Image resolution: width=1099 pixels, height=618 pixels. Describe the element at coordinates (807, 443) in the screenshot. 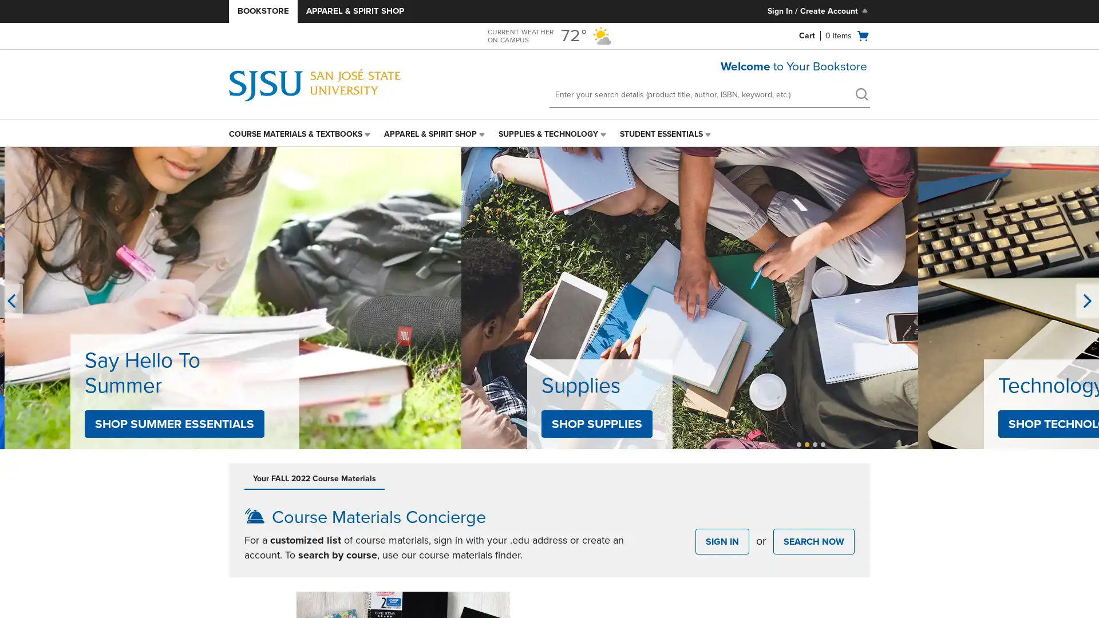

I see `Unselected, Slide 2` at that location.